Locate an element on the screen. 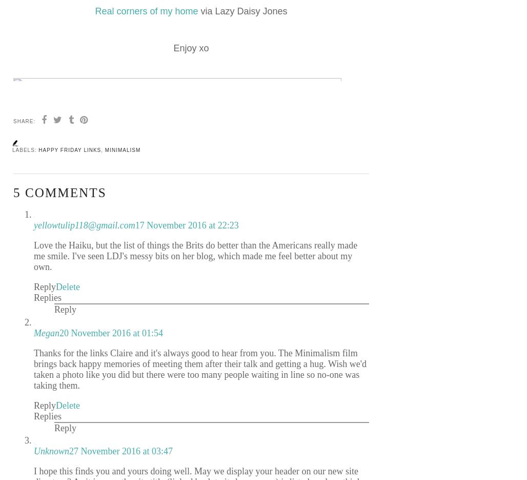 This screenshot has height=480, width=527. 'Labels:' is located at coordinates (25, 149).